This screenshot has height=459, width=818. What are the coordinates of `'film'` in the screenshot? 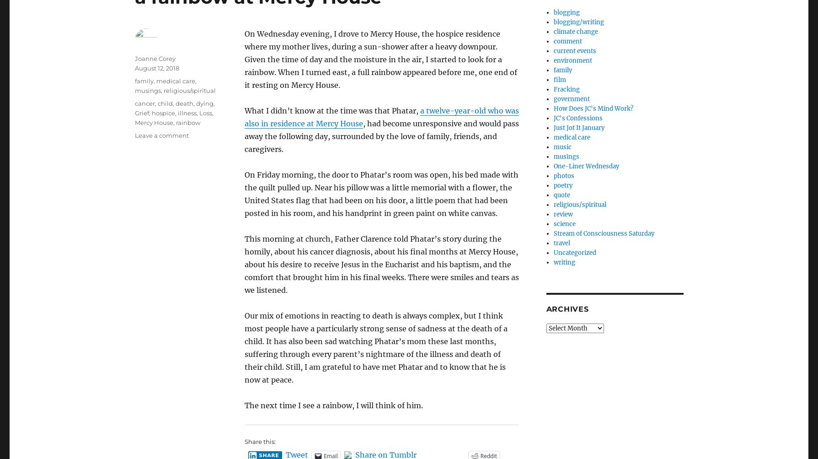 It's located at (559, 79).